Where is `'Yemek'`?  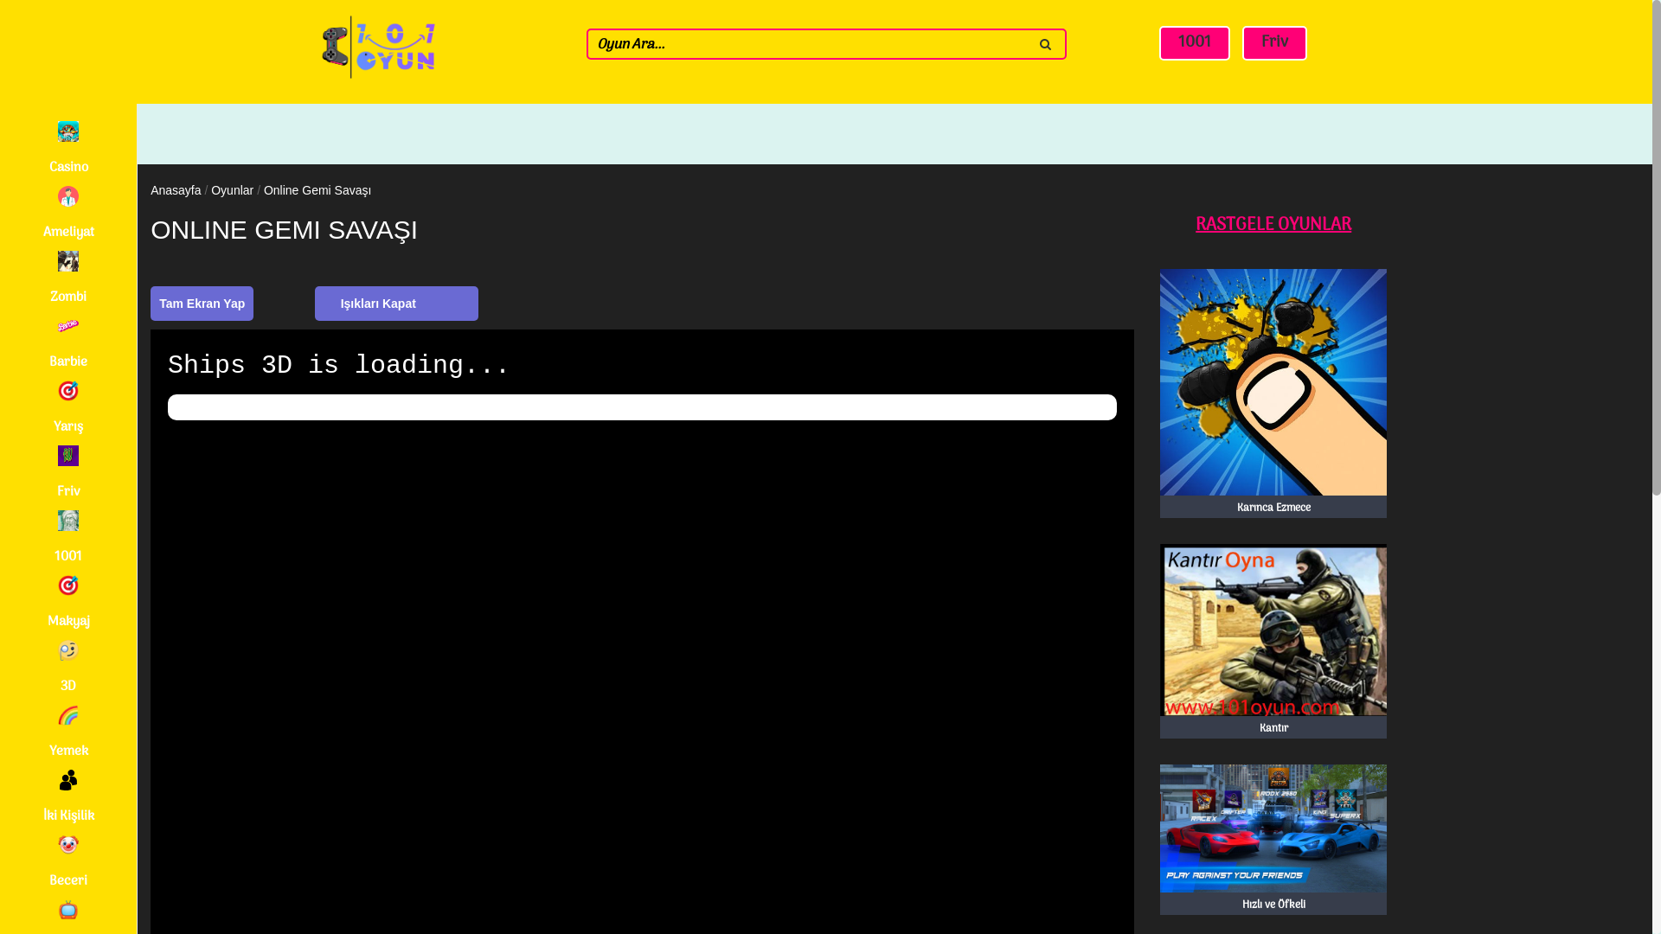
'Yemek' is located at coordinates (67, 733).